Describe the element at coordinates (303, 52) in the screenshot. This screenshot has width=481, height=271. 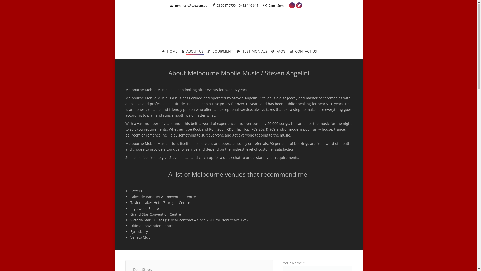
I see `'CONTACT US'` at that location.